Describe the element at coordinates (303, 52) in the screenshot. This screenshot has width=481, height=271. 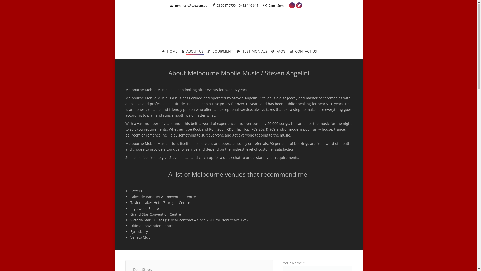
I see `'CONTACT US'` at that location.